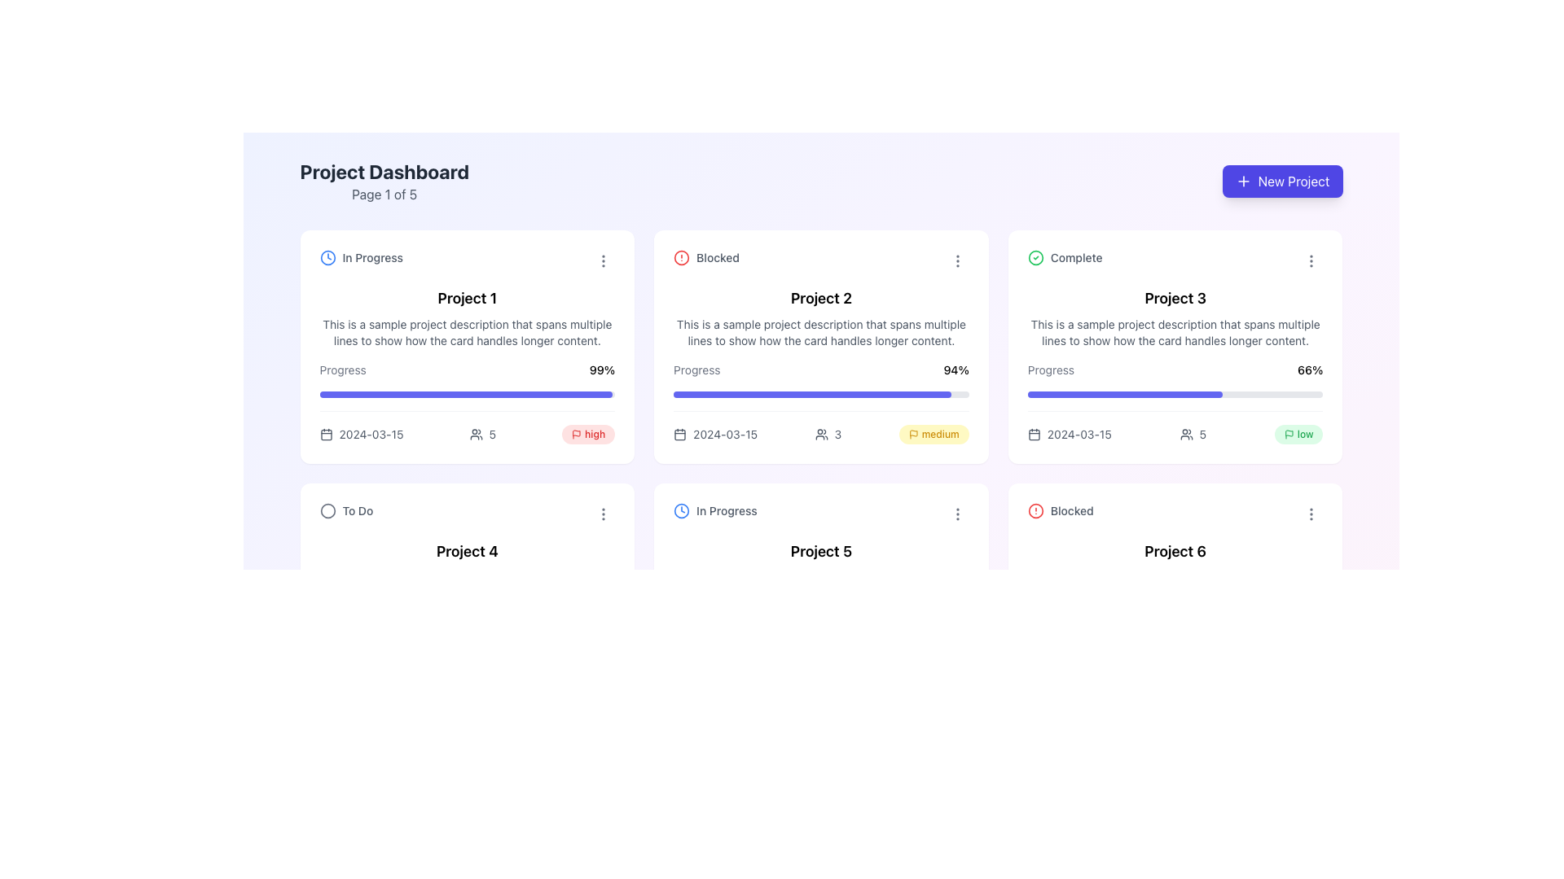 The width and height of the screenshot is (1564, 879). Describe the element at coordinates (1175, 298) in the screenshot. I see `the text label identifying the project as 'Project 3' located in the third card from the left in the top row of the 'Complete' section` at that location.